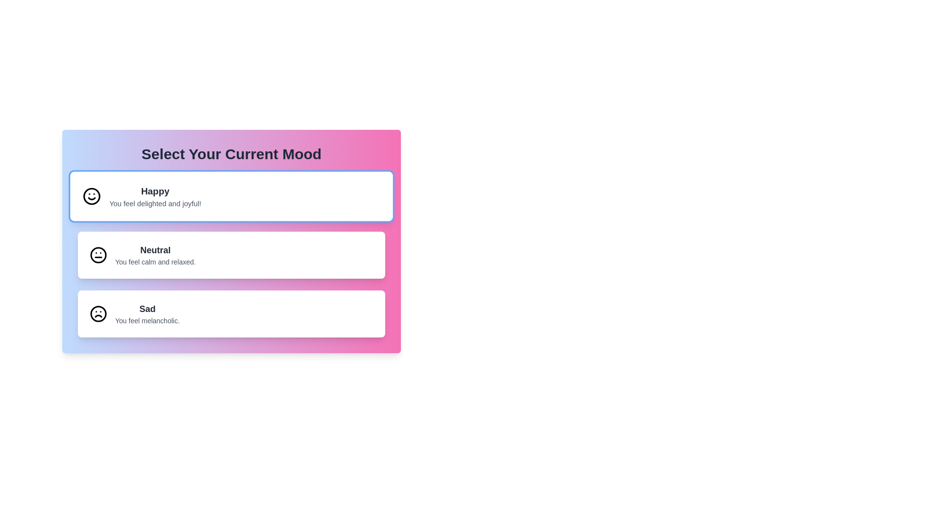  Describe the element at coordinates (154, 191) in the screenshot. I see `the header text label indicating the selected mood as 'Happy', positioned above the text 'You feel delighted and joyful!' in the first card of the mood options list` at that location.